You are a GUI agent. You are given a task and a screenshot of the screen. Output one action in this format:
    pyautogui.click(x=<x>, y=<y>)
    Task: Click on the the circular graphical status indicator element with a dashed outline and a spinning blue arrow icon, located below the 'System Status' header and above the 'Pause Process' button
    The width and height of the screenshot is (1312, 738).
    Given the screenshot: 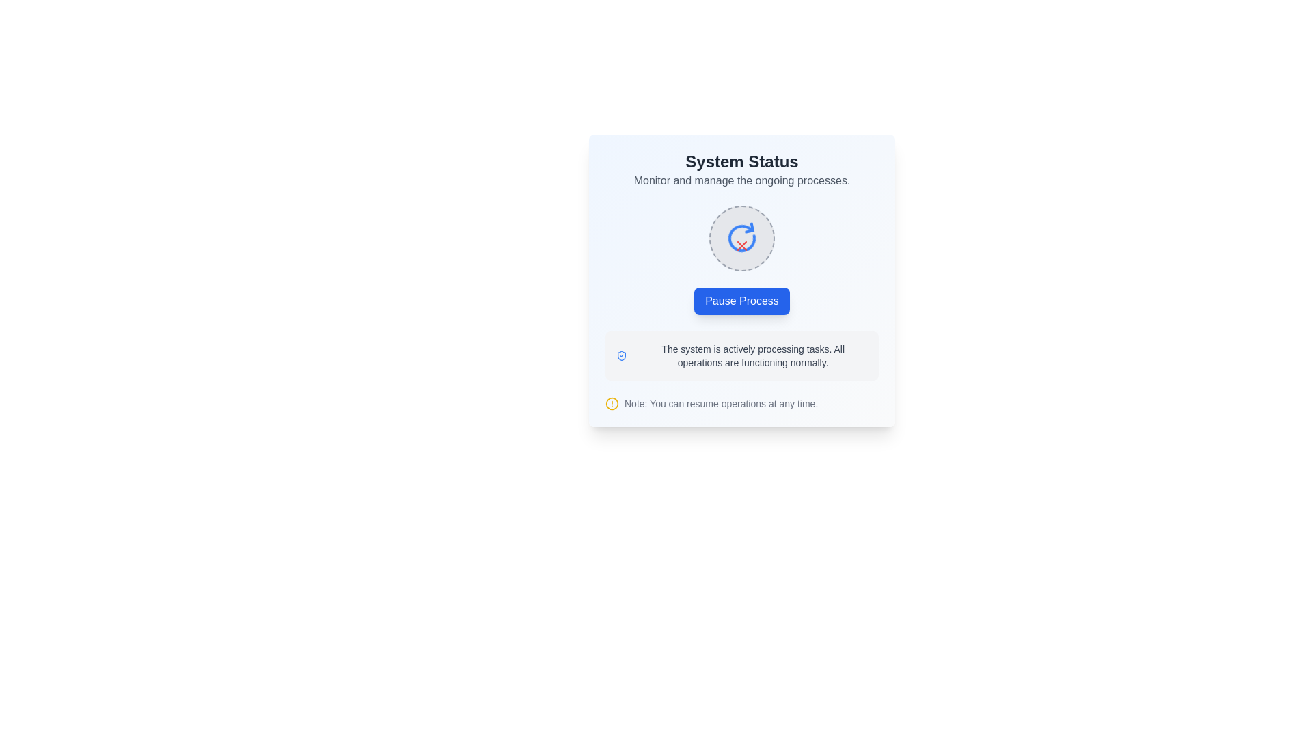 What is the action you would take?
    pyautogui.click(x=741, y=237)
    